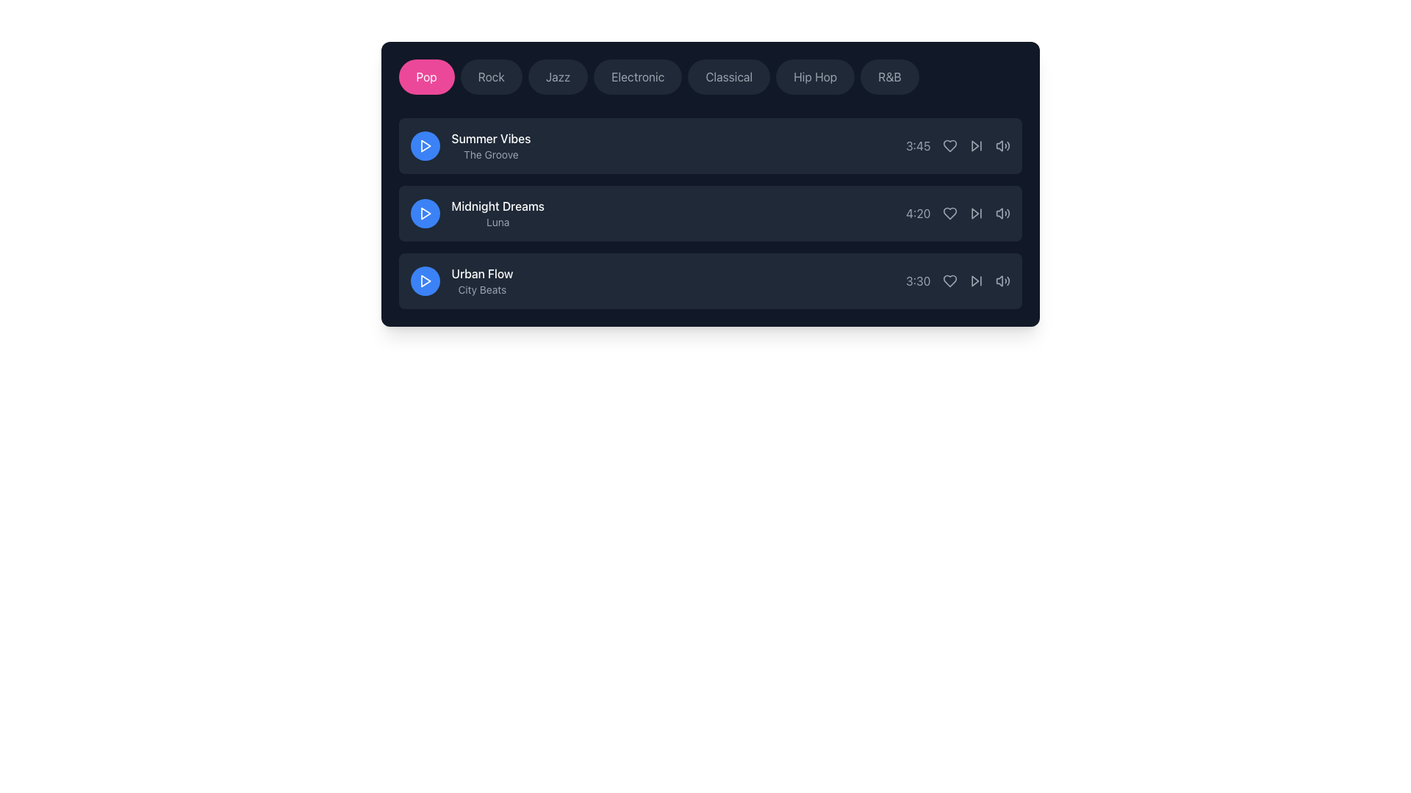 This screenshot has width=1411, height=793. I want to click on the static label or subtitle text located beneath the 'Summer Vibes' text in the first item of the list layout, so click(491, 155).